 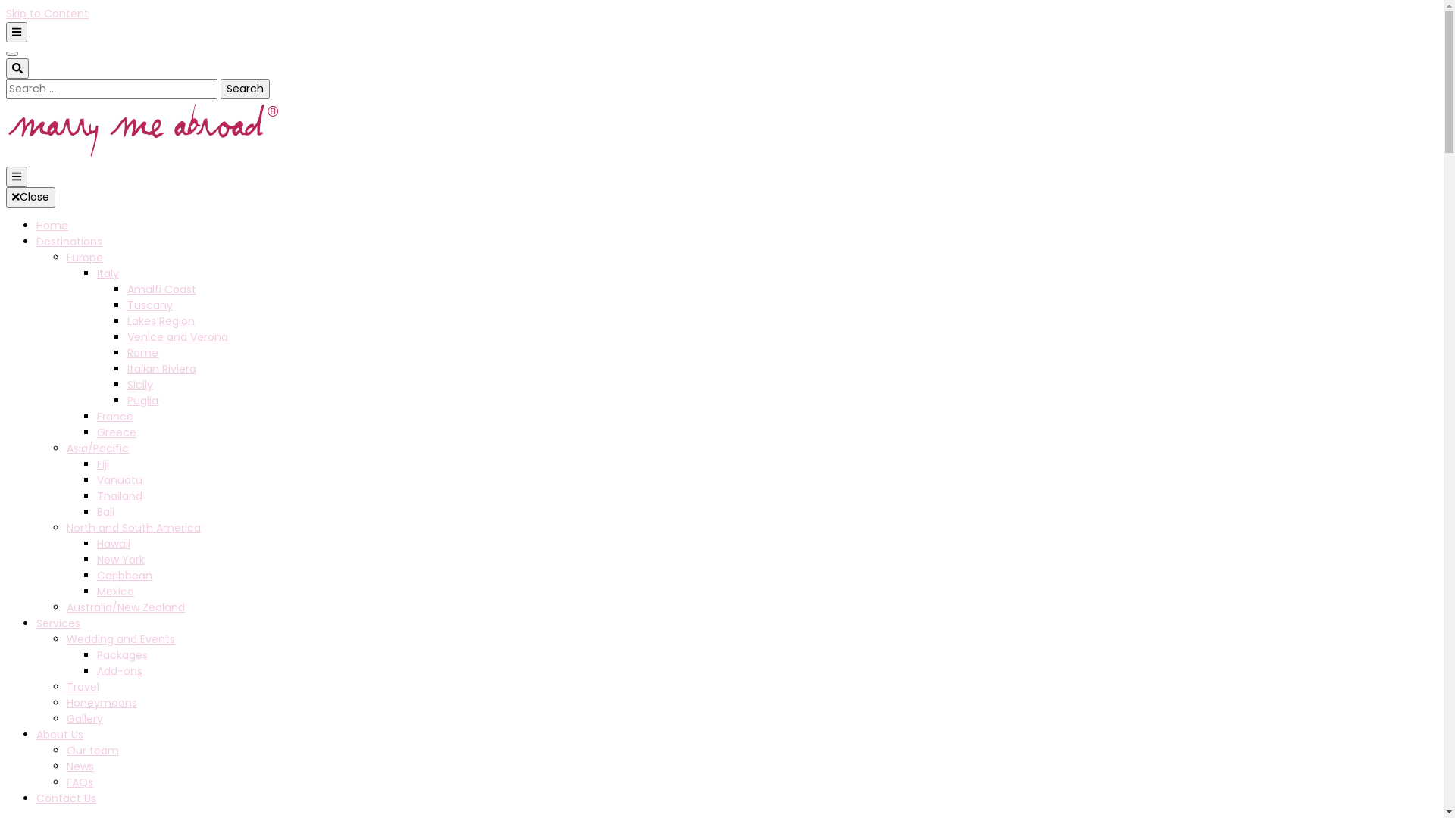 What do you see at coordinates (58, 623) in the screenshot?
I see `'Services'` at bounding box center [58, 623].